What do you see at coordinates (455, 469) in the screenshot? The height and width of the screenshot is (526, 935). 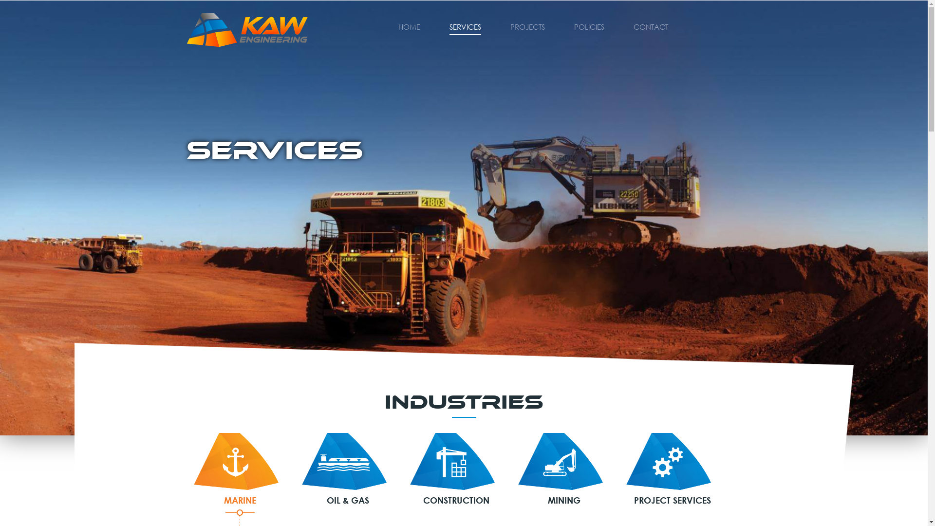 I see `'CONSTRUCTION'` at bounding box center [455, 469].